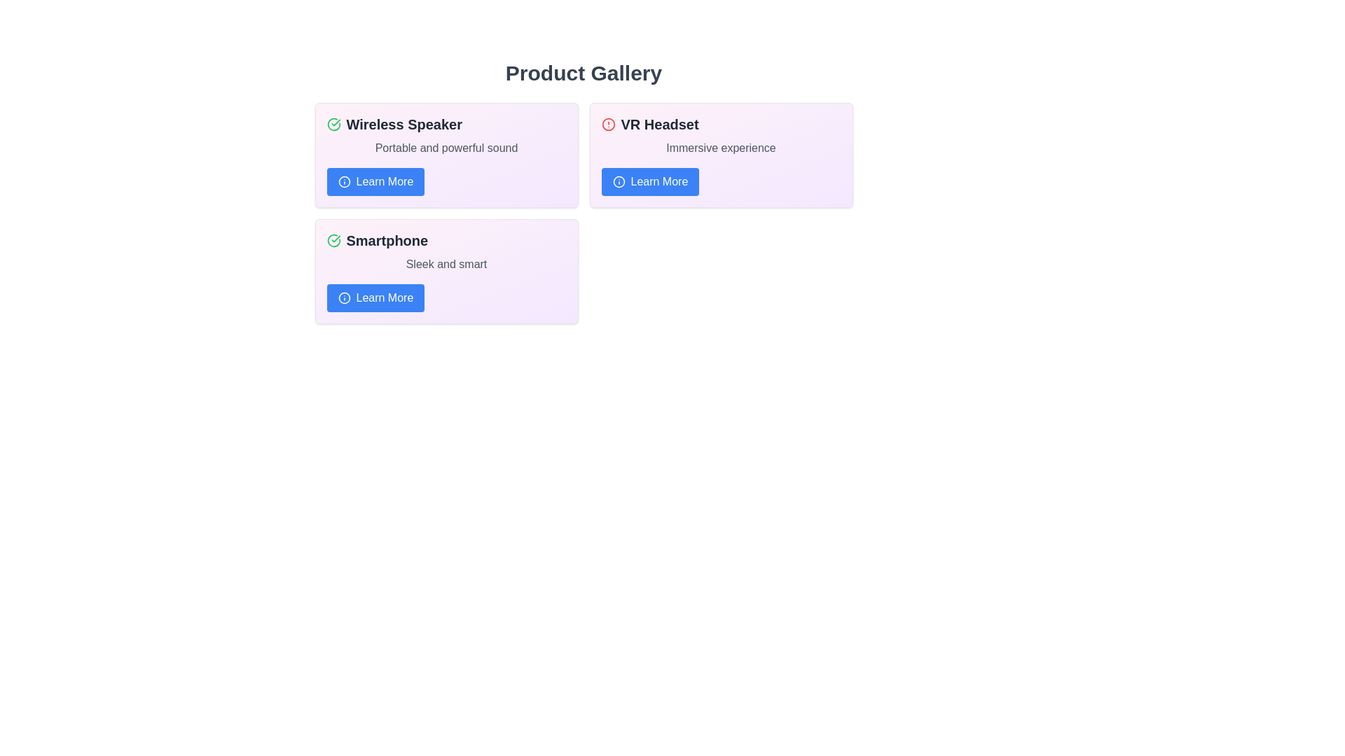  Describe the element at coordinates (649, 181) in the screenshot. I see `the 'Learn More' button for the VR Headset product` at that location.